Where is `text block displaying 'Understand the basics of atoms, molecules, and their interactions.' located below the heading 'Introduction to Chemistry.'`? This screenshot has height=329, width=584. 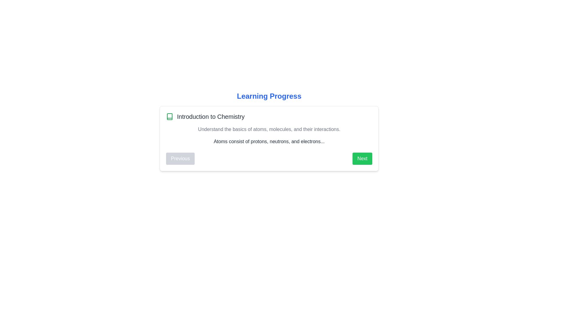 text block displaying 'Understand the basics of atoms, molecules, and their interactions.' located below the heading 'Introduction to Chemistry.' is located at coordinates (269, 129).